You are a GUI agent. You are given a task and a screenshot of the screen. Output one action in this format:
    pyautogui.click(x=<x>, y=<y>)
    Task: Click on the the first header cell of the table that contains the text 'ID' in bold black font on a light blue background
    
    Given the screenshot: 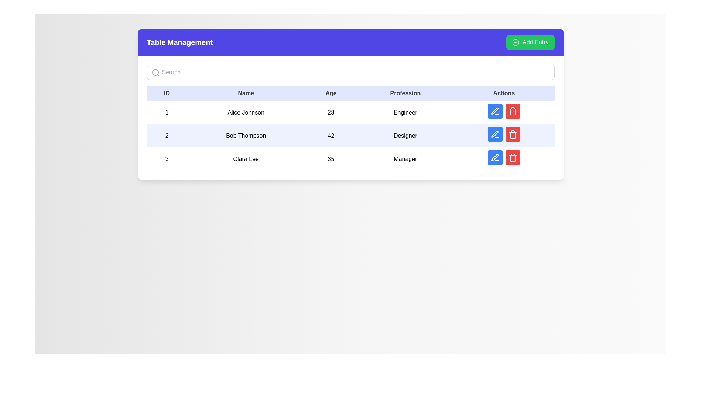 What is the action you would take?
    pyautogui.click(x=167, y=93)
    